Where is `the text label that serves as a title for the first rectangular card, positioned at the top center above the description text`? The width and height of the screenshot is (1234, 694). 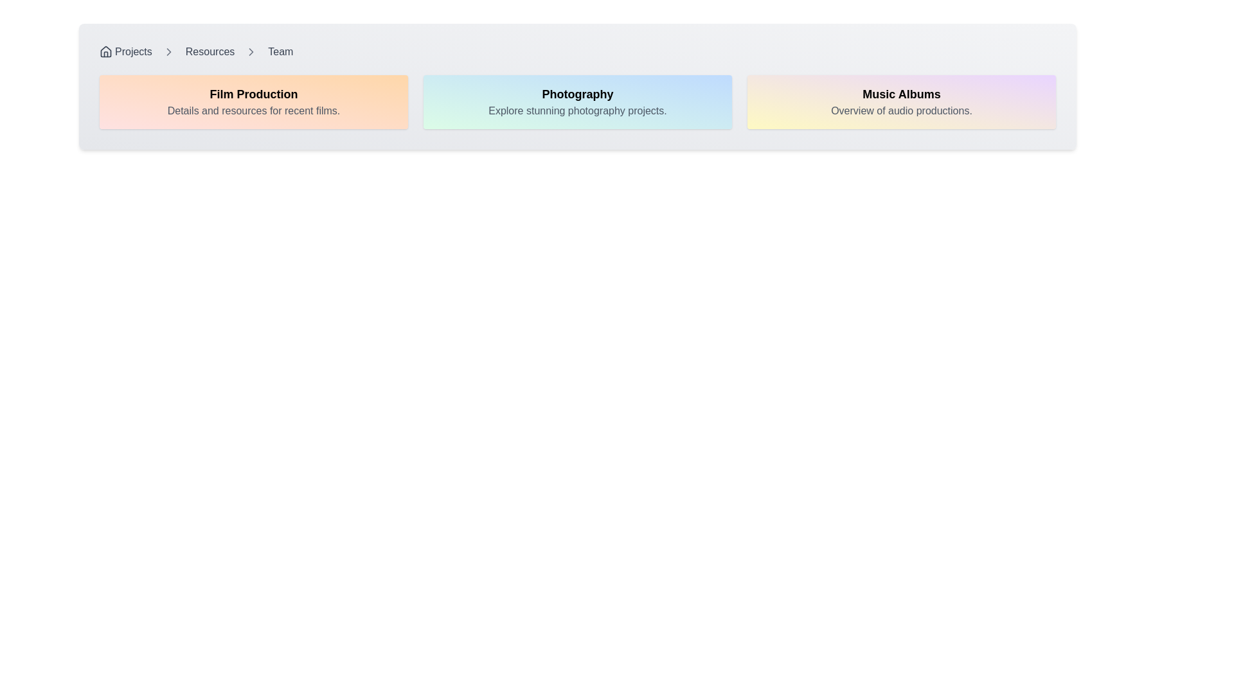
the text label that serves as a title for the first rectangular card, positioned at the top center above the description text is located at coordinates (253, 93).